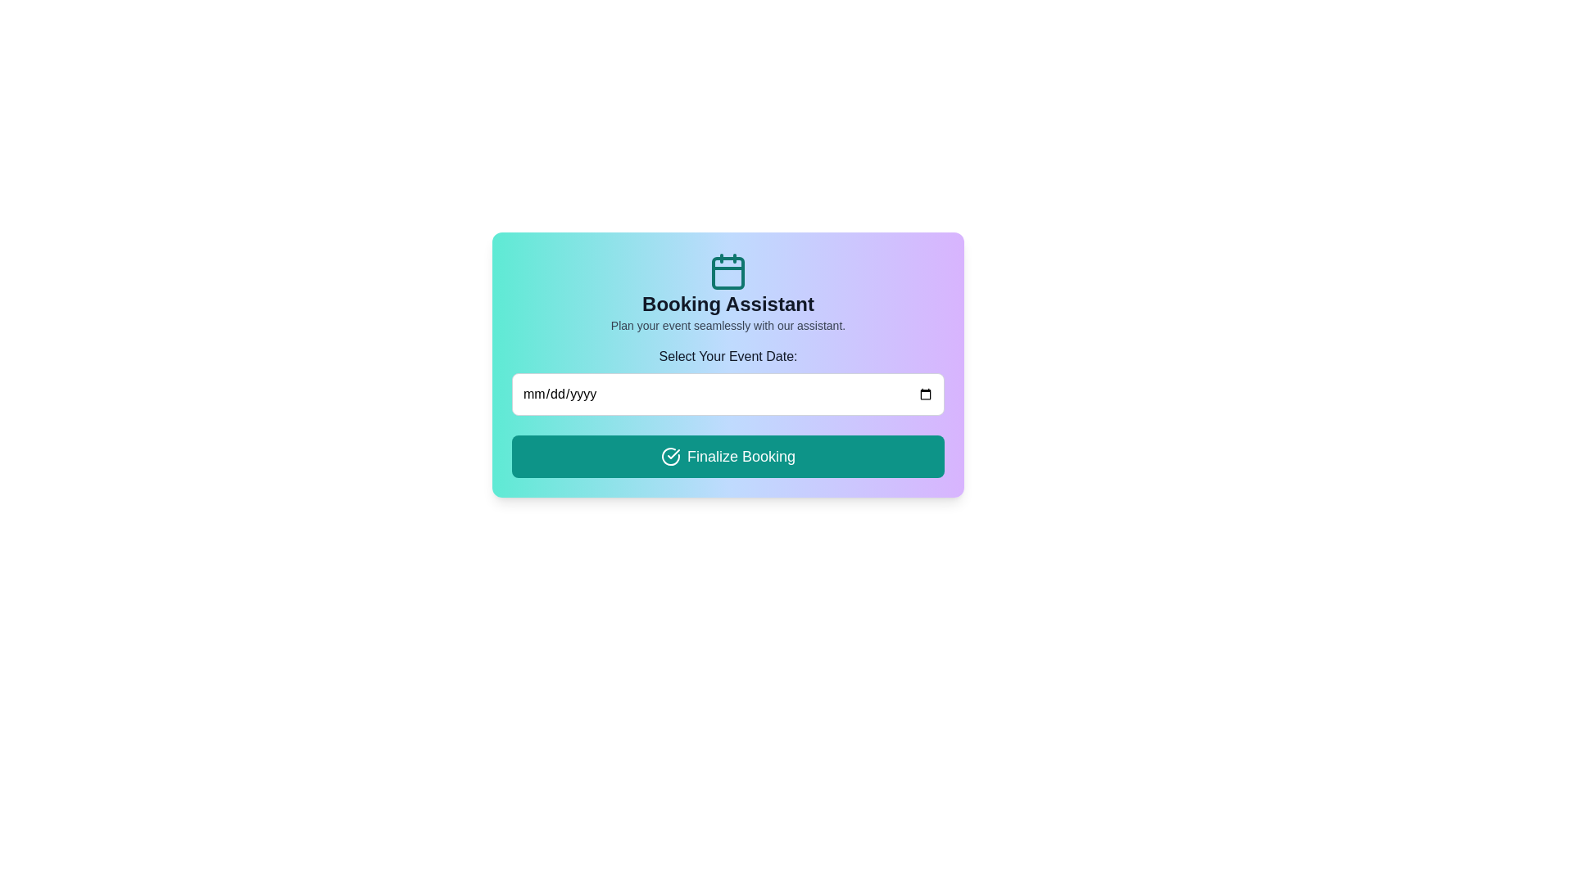  What do you see at coordinates (727, 457) in the screenshot?
I see `the submission button located at the bottom of the card to finalize the event booking` at bounding box center [727, 457].